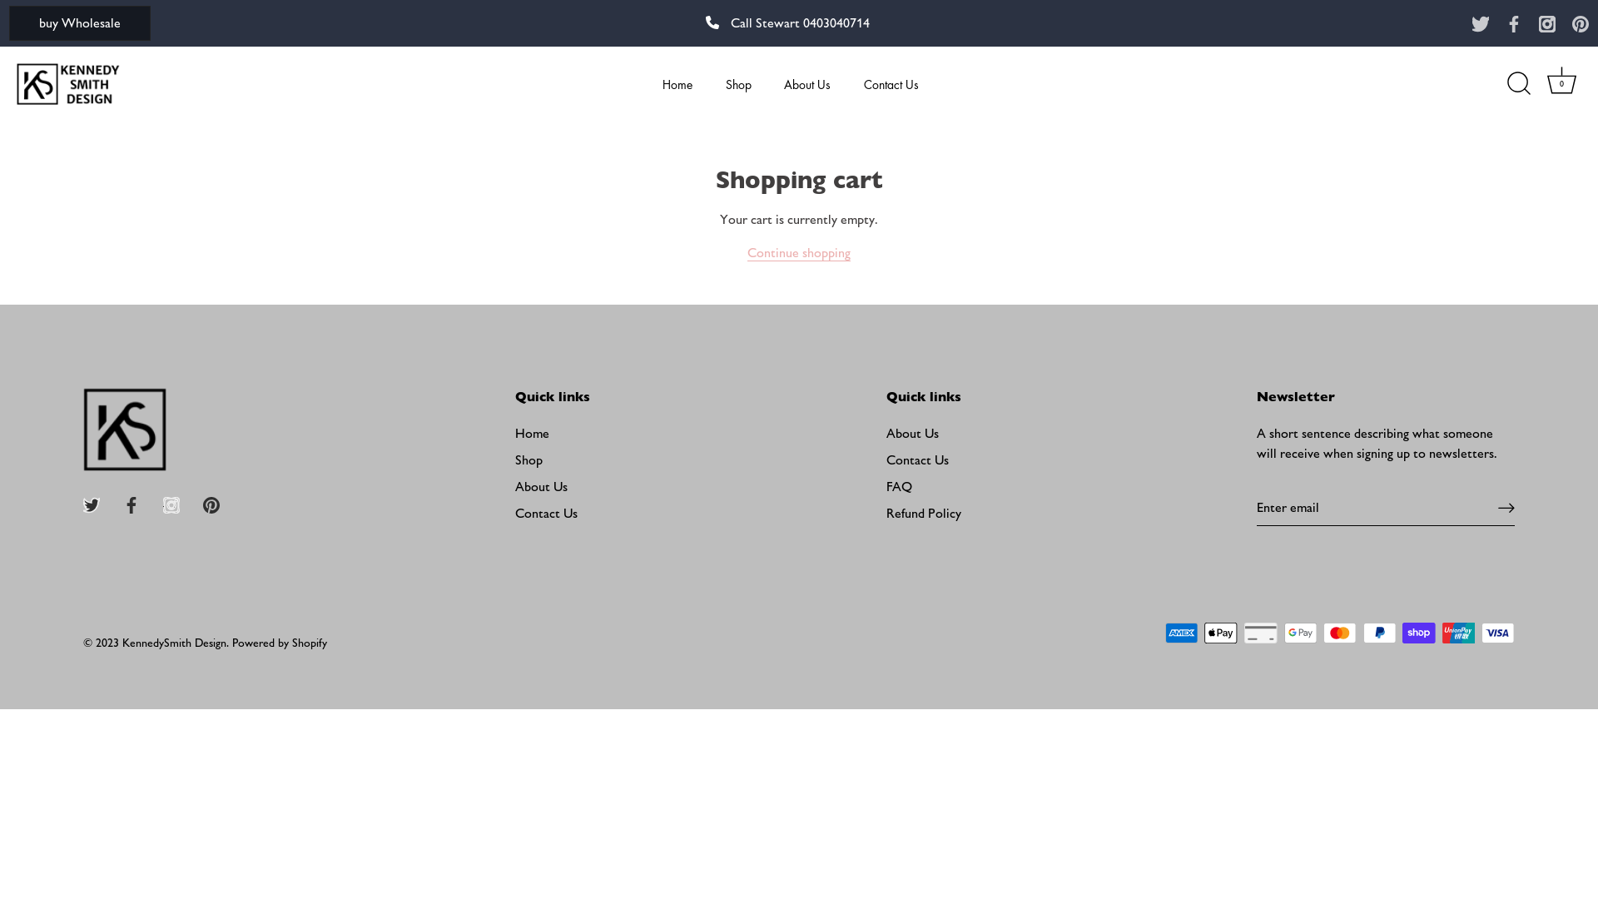 Image resolution: width=1598 pixels, height=899 pixels. I want to click on 'buy Wholesale', so click(79, 22).